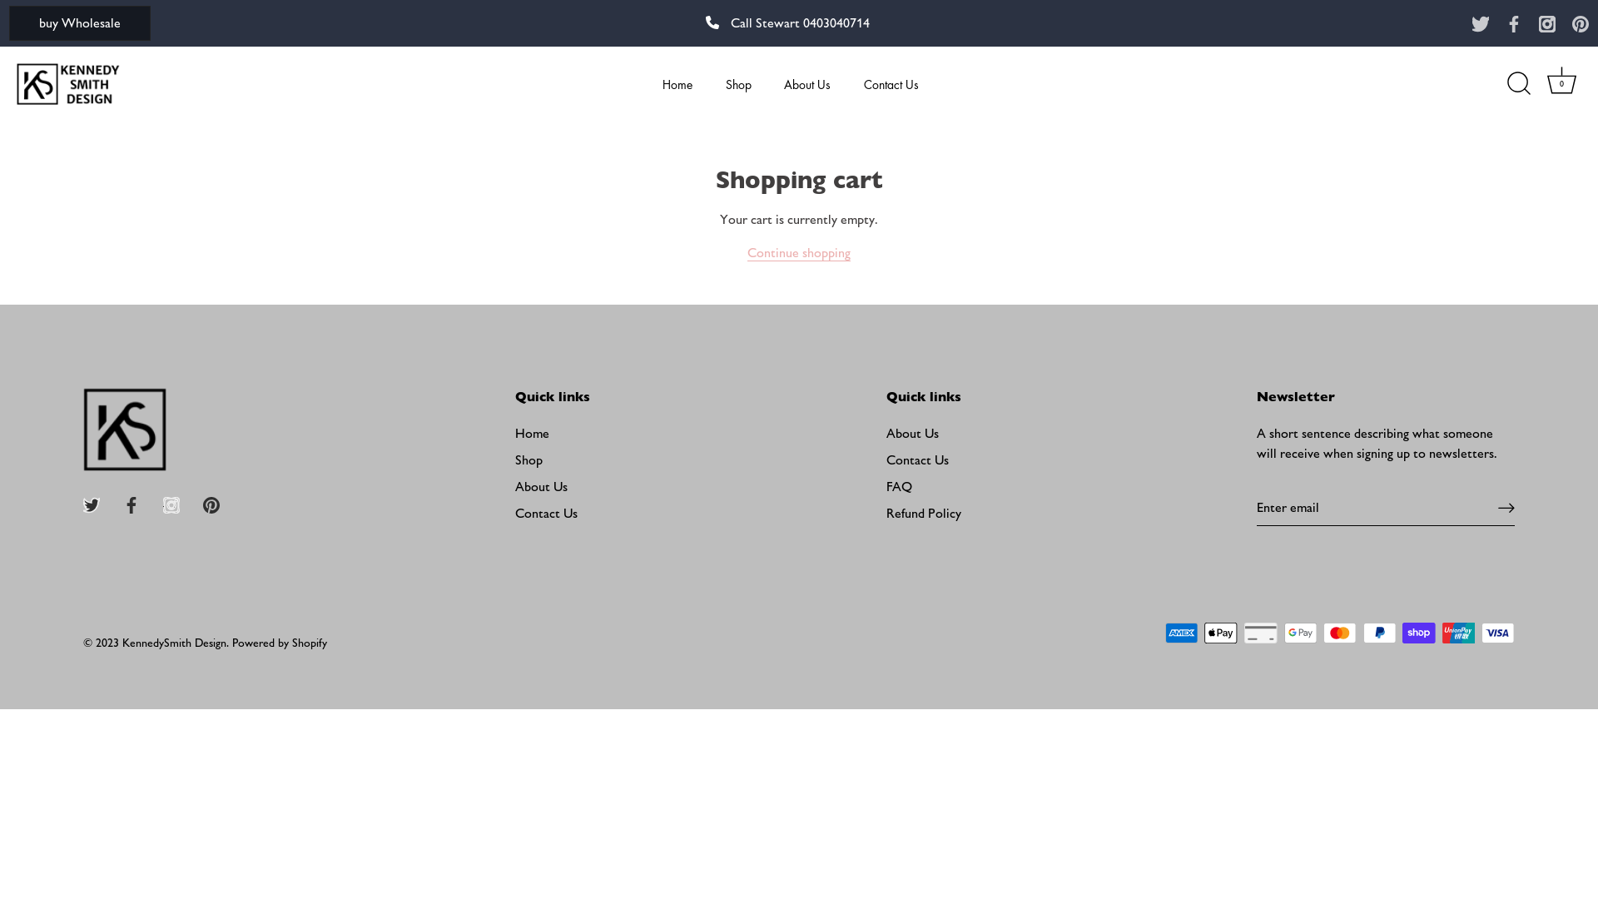 Image resolution: width=1598 pixels, height=899 pixels. I want to click on 'buy Wholesale', so click(79, 22).